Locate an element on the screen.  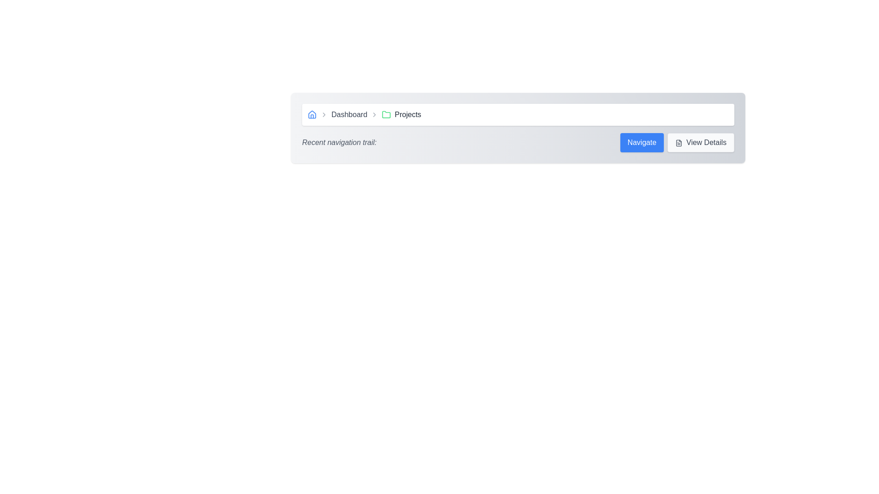
the right-chevron arrow SVG icon located between the 'Dashboard' and 'Projects' labels in the breadcrumb navigation bar is located at coordinates (324, 114).